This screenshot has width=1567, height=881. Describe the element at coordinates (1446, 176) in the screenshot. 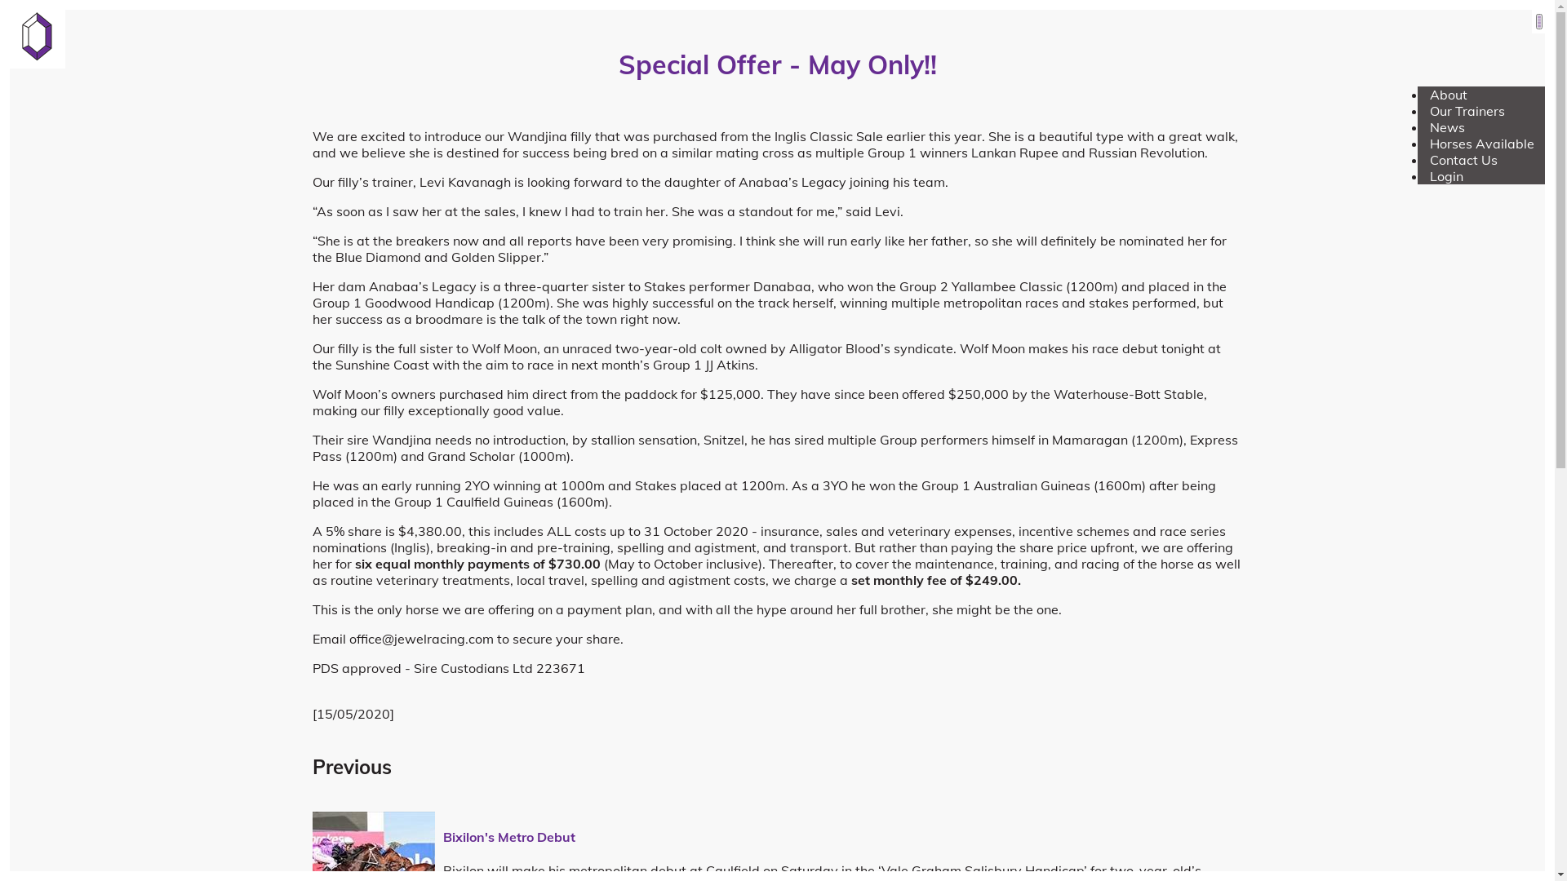

I see `'Login'` at that location.